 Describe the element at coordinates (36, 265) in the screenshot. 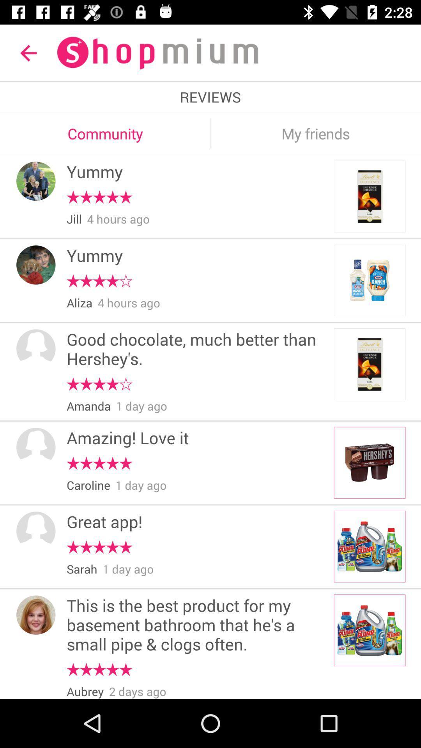

I see `item to the left of the yummy icon` at that location.